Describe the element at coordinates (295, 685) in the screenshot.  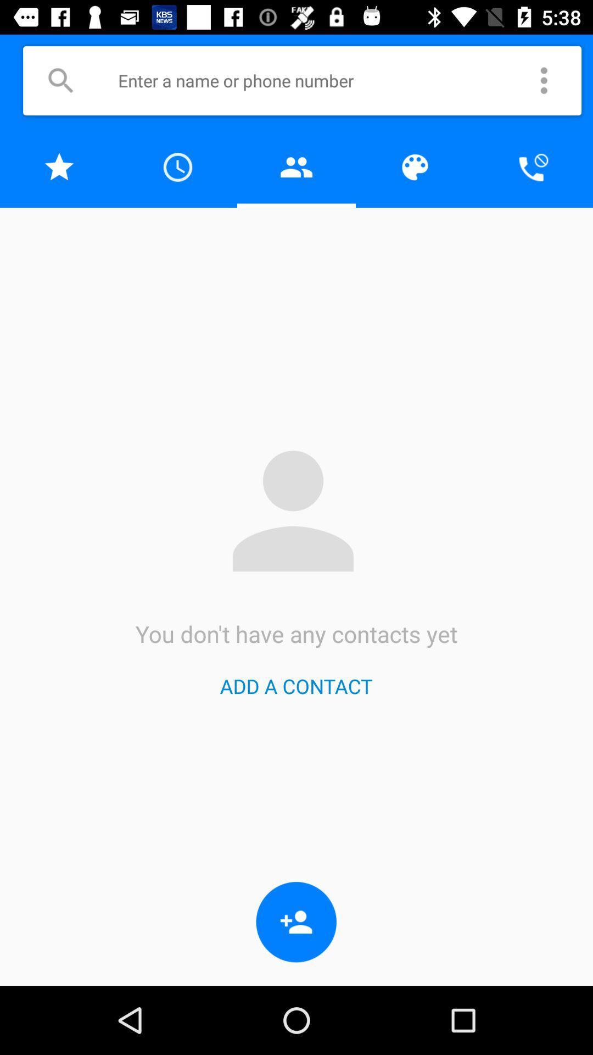
I see `add a contact app` at that location.